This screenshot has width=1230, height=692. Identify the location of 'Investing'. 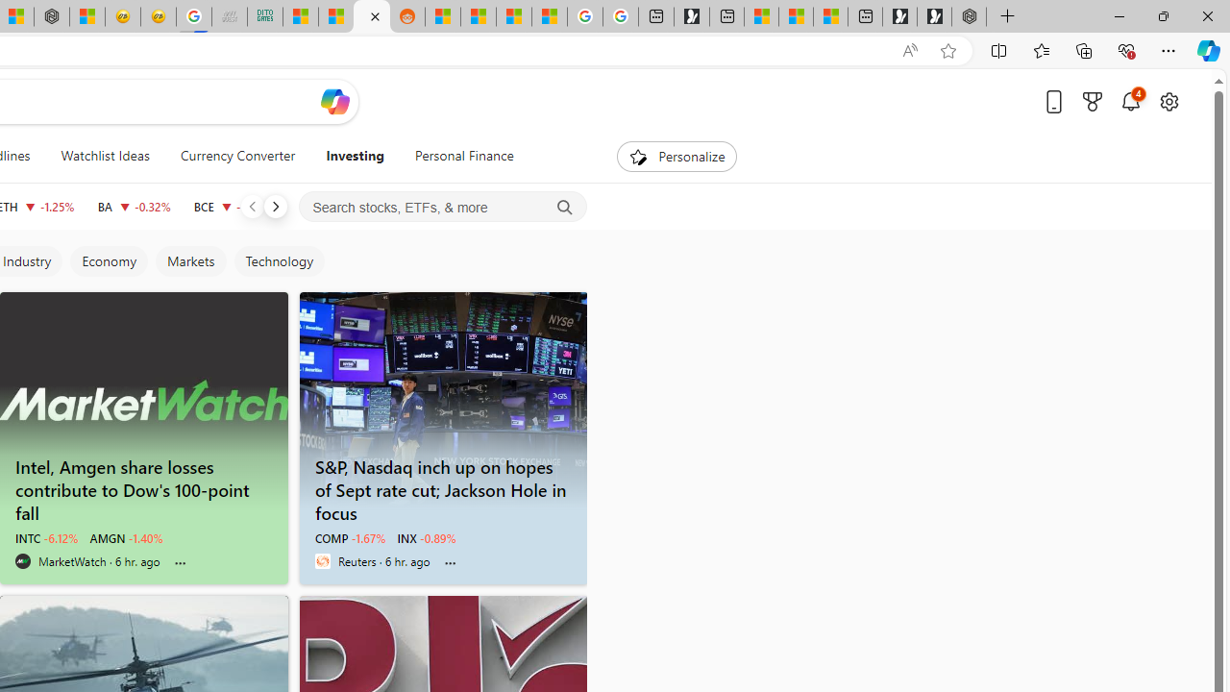
(355, 156).